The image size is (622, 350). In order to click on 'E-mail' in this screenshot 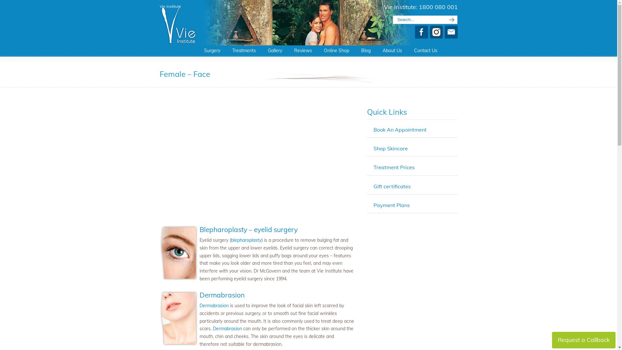, I will do `click(451, 37)`.